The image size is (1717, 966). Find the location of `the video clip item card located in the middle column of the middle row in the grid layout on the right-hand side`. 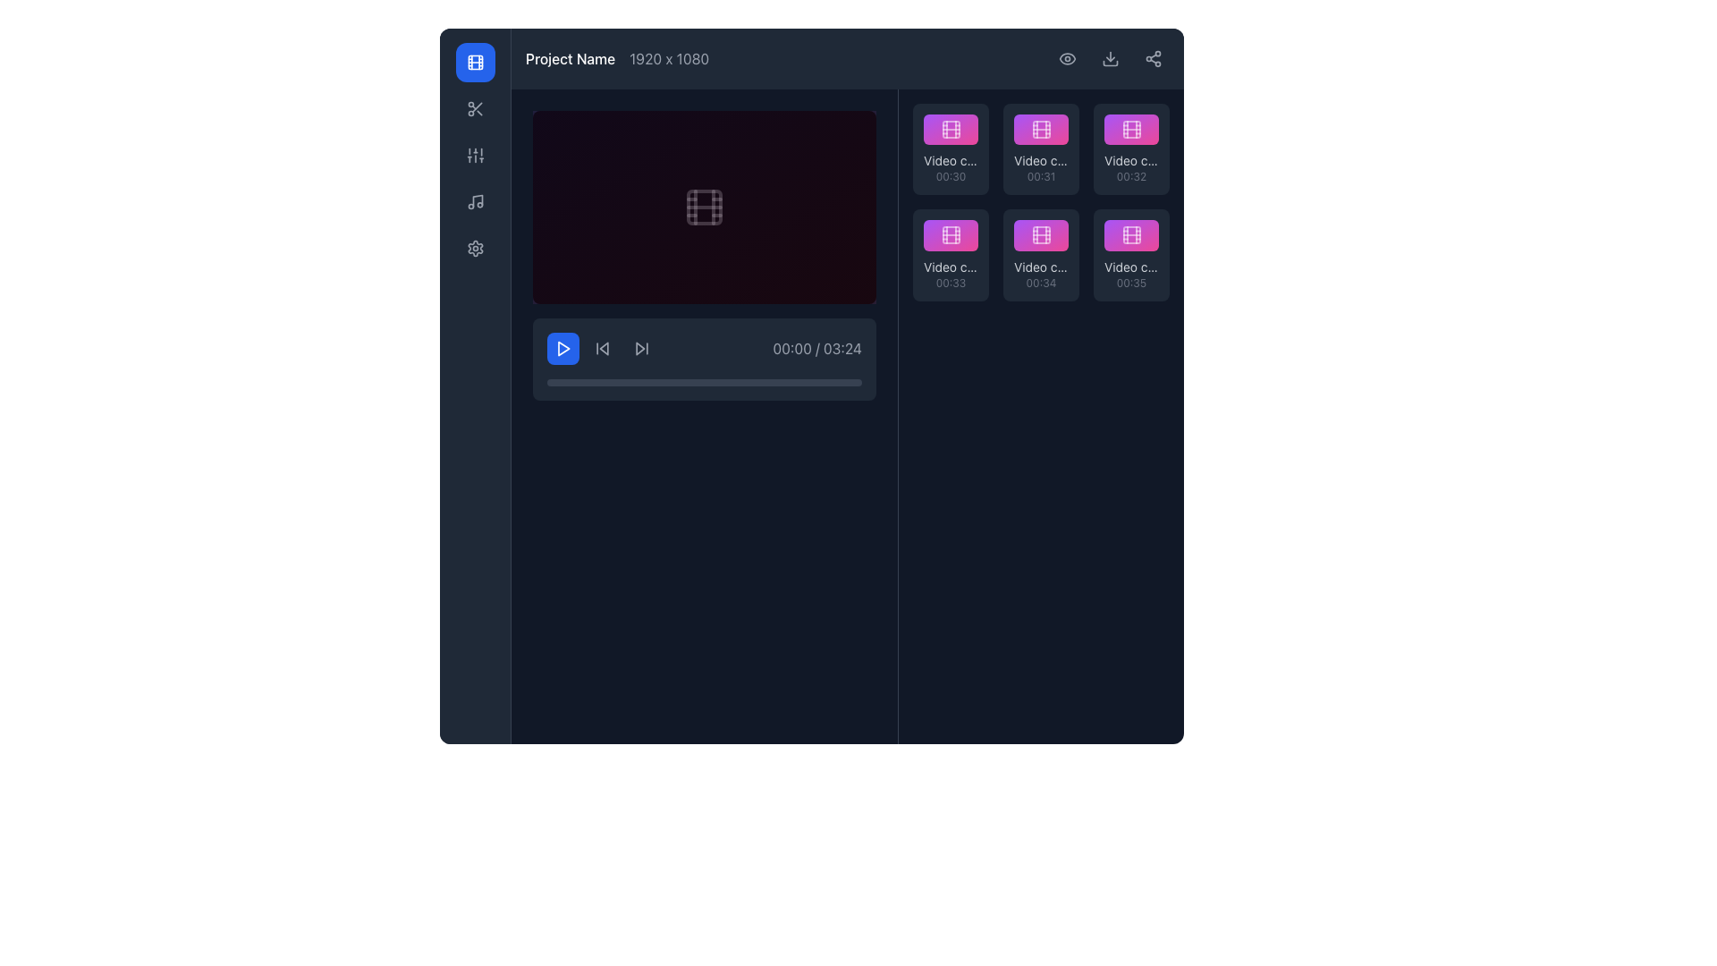

the video clip item card located in the middle column of the middle row in the grid layout on the right-hand side is located at coordinates (1041, 255).